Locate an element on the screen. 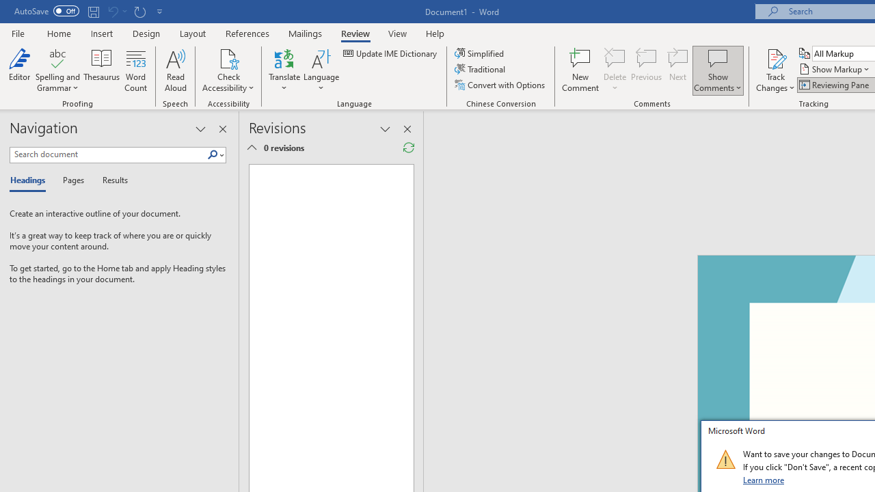 The height and width of the screenshot is (492, 875). 'Delete' is located at coordinates (615, 70).